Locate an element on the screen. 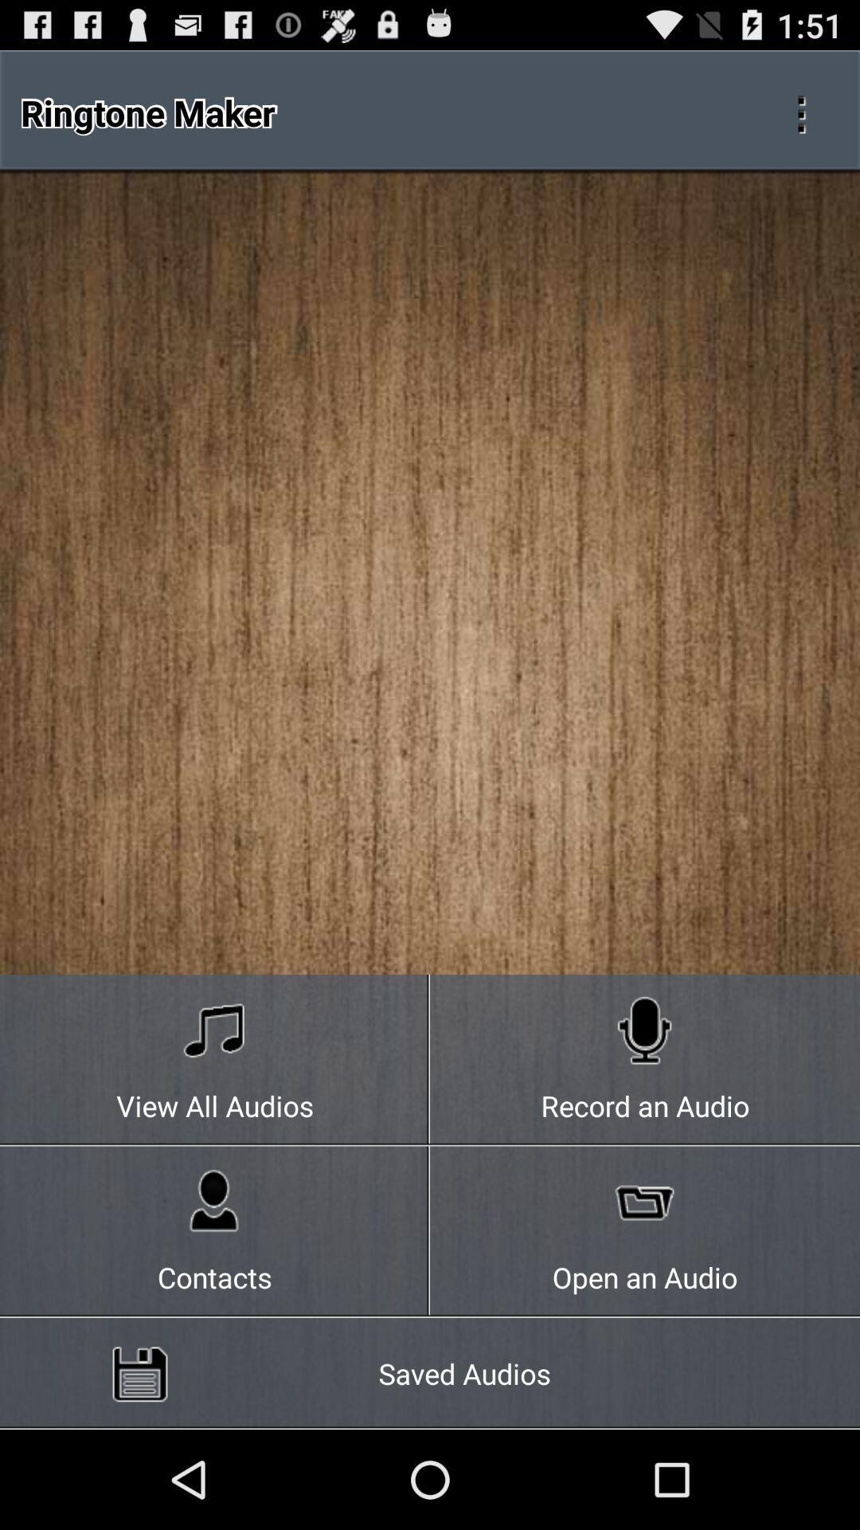 The width and height of the screenshot is (860, 1530). the item to the right of ringtone maker is located at coordinates (801, 112).